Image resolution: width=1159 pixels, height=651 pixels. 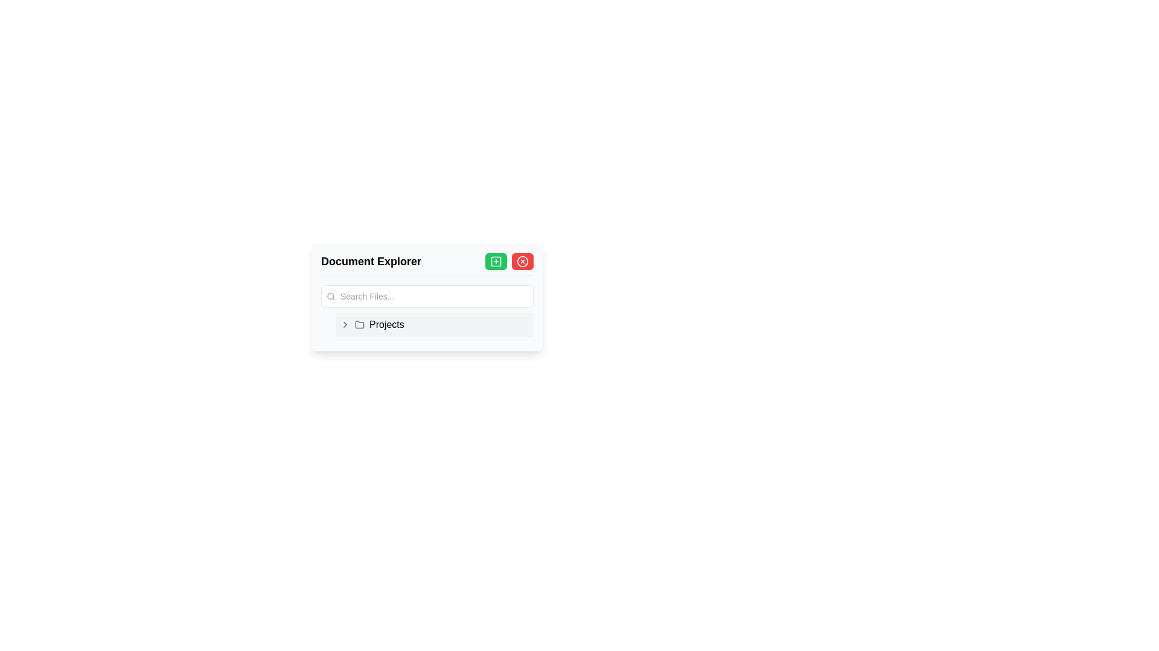 I want to click on the graphical component of the icon button in the Document Explorer from its current position, so click(x=496, y=261).